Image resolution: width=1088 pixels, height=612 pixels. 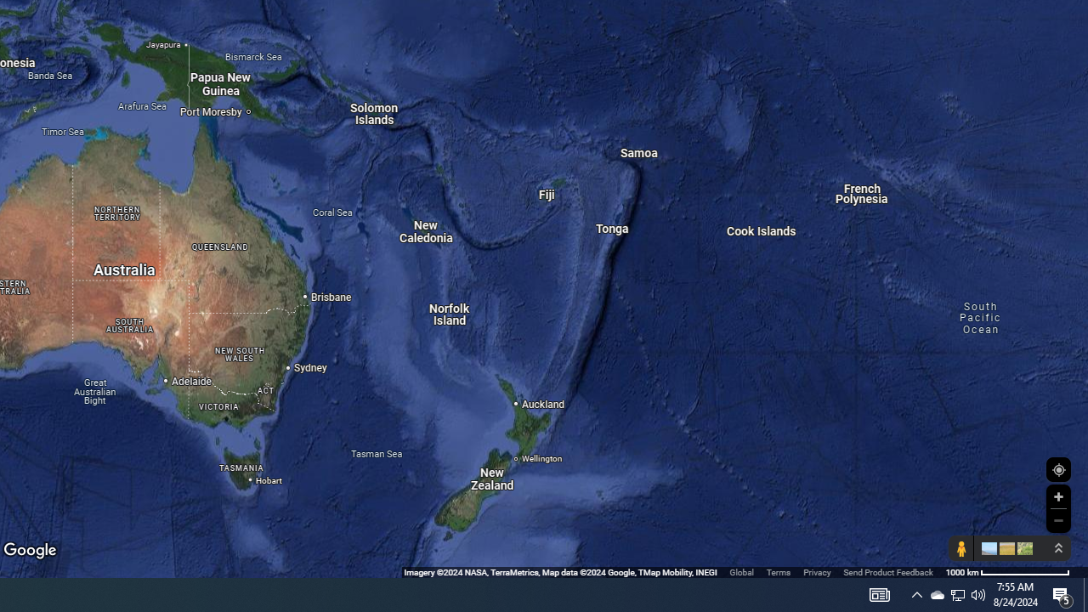 What do you see at coordinates (778, 572) in the screenshot?
I see `'Terms'` at bounding box center [778, 572].